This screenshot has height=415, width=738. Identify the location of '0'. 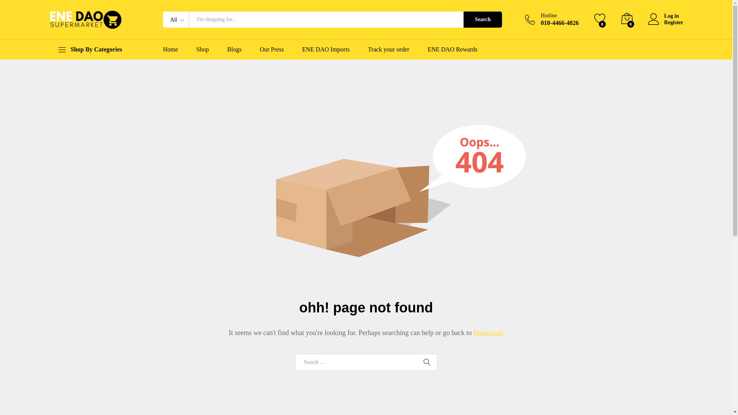
(627, 19).